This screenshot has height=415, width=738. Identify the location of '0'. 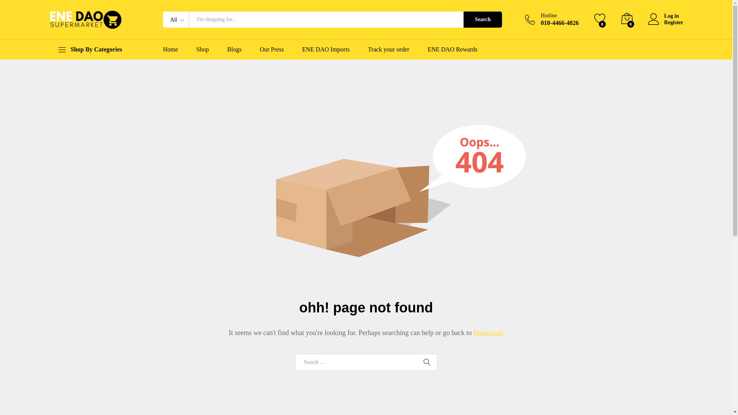
(627, 19).